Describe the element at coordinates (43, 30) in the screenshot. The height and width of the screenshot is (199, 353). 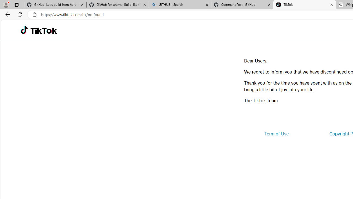
I see `'TikTok'` at that location.